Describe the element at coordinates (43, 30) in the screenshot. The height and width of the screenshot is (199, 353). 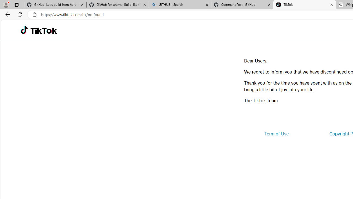
I see `'TikTok'` at that location.